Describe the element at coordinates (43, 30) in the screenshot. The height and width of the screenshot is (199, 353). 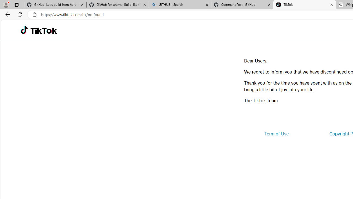
I see `'TikTok'` at that location.